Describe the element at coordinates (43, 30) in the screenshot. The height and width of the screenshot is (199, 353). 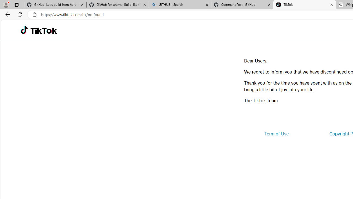
I see `'TikTok'` at that location.